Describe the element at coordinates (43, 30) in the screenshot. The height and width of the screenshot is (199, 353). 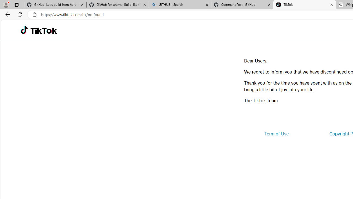
I see `'TikTok'` at that location.